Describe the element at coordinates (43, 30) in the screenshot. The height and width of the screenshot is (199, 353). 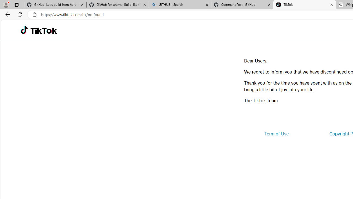
I see `'TikTok'` at that location.